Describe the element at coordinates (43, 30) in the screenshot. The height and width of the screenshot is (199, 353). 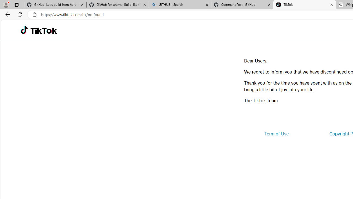
I see `'TikTok'` at that location.